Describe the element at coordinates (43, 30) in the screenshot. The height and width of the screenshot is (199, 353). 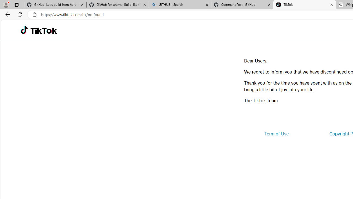
I see `'TikTok'` at that location.